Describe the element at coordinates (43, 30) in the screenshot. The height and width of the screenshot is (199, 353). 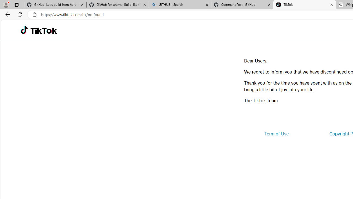
I see `'TikTok'` at that location.